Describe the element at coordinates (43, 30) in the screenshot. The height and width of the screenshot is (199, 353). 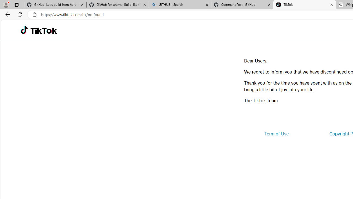
I see `'TikTok'` at that location.